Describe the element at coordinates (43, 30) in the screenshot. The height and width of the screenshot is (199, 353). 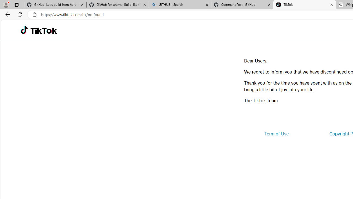
I see `'TikTok'` at that location.